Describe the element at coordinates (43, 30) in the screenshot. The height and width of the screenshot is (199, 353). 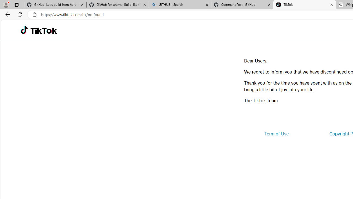
I see `'TikTok'` at that location.